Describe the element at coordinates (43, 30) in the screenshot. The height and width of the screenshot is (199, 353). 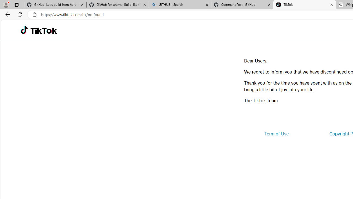
I see `'TikTok'` at that location.